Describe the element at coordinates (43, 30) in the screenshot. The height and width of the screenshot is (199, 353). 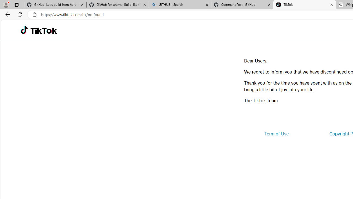
I see `'TikTok'` at that location.